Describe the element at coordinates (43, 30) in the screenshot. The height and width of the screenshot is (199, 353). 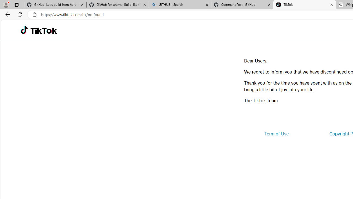
I see `'TikTok'` at that location.